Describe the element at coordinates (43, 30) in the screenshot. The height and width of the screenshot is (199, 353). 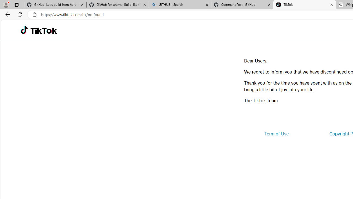
I see `'TikTok'` at that location.